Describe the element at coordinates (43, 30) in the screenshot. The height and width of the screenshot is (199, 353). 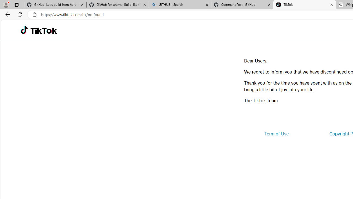
I see `'TikTok'` at that location.